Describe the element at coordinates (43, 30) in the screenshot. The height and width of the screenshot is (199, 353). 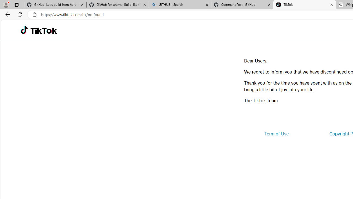
I see `'TikTok'` at that location.